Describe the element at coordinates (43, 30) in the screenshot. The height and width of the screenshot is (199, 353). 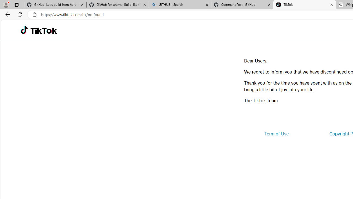
I see `'TikTok'` at that location.